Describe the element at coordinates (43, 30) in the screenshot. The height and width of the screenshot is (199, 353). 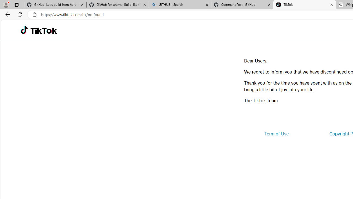
I see `'TikTok'` at that location.